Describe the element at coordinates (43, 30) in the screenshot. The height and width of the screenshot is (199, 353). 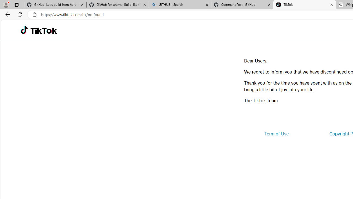
I see `'TikTok'` at that location.